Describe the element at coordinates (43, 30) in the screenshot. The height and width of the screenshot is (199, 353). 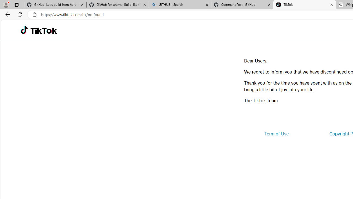
I see `'TikTok'` at that location.